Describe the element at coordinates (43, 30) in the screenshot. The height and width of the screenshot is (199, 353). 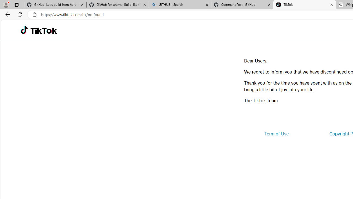
I see `'TikTok'` at that location.